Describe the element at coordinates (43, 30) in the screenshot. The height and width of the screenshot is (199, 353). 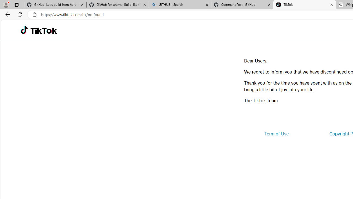
I see `'TikTok'` at that location.